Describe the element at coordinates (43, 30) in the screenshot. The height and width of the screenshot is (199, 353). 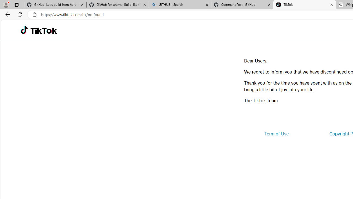
I see `'TikTok'` at that location.